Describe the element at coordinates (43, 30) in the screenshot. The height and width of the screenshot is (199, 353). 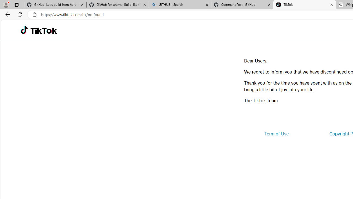
I see `'TikTok'` at that location.